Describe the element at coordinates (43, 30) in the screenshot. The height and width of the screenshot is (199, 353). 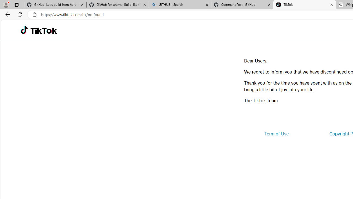
I see `'TikTok'` at that location.